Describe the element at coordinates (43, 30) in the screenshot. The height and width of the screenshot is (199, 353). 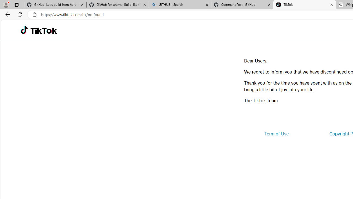
I see `'TikTok'` at that location.